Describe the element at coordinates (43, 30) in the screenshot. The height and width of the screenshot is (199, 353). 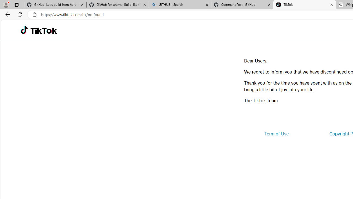
I see `'TikTok'` at that location.